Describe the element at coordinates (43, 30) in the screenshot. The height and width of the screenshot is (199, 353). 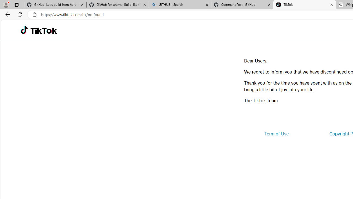
I see `'TikTok'` at that location.